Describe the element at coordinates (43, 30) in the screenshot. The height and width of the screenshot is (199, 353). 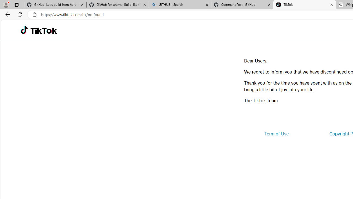
I see `'TikTok'` at that location.